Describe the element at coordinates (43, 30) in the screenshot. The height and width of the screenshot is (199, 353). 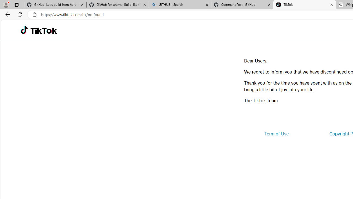
I see `'TikTok'` at that location.